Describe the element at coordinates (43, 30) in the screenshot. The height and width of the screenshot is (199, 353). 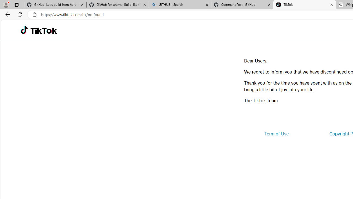
I see `'TikTok'` at that location.